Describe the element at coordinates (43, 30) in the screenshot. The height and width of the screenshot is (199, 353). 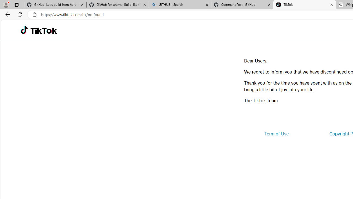
I see `'TikTok'` at that location.